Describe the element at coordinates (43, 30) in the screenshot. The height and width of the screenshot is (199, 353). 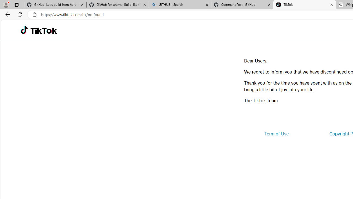
I see `'TikTok'` at that location.